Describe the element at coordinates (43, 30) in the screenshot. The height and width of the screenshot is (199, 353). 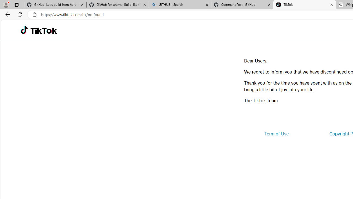
I see `'TikTok'` at that location.